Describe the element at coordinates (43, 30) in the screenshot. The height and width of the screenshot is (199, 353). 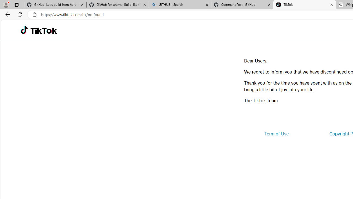
I see `'TikTok'` at that location.